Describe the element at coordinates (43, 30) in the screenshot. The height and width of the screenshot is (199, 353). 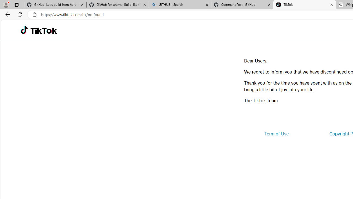
I see `'TikTok'` at that location.